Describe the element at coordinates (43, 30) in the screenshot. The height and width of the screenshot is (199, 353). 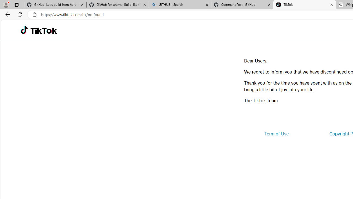
I see `'TikTok'` at that location.